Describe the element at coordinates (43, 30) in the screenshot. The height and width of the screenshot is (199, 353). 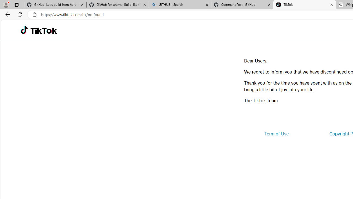
I see `'TikTok'` at that location.